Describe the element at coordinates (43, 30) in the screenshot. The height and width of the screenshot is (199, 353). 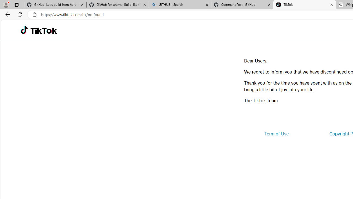
I see `'TikTok'` at that location.